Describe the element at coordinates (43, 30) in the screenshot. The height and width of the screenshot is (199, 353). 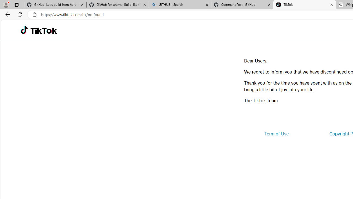
I see `'TikTok'` at that location.